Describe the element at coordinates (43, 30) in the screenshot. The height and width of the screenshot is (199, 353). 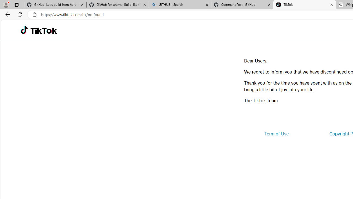
I see `'TikTok'` at that location.